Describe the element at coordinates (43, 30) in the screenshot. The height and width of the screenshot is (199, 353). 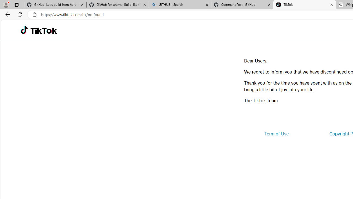
I see `'TikTok'` at that location.